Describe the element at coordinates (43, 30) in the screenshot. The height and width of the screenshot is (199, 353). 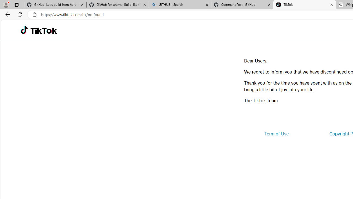
I see `'TikTok'` at that location.